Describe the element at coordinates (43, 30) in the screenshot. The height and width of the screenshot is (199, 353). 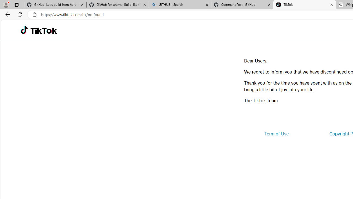
I see `'TikTok'` at that location.